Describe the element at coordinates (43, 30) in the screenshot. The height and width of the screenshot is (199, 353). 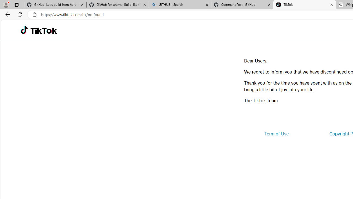
I see `'TikTok'` at that location.